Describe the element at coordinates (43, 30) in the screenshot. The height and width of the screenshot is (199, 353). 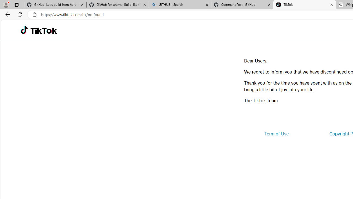
I see `'TikTok'` at that location.